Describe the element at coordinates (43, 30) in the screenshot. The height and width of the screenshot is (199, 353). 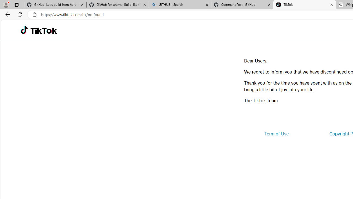
I see `'TikTok'` at that location.